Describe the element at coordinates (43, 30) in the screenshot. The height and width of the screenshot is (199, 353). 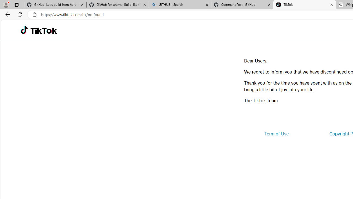
I see `'TikTok'` at that location.